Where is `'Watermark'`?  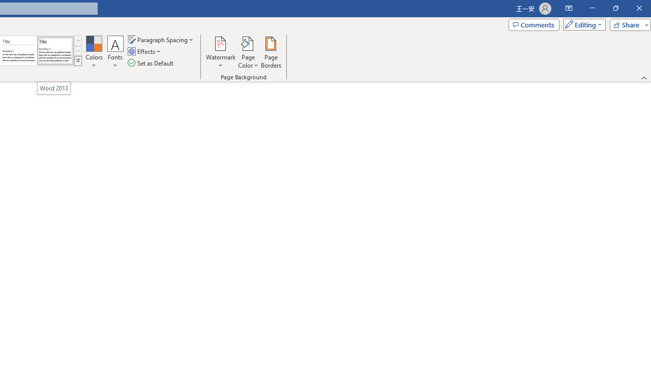 'Watermark' is located at coordinates (220, 52).